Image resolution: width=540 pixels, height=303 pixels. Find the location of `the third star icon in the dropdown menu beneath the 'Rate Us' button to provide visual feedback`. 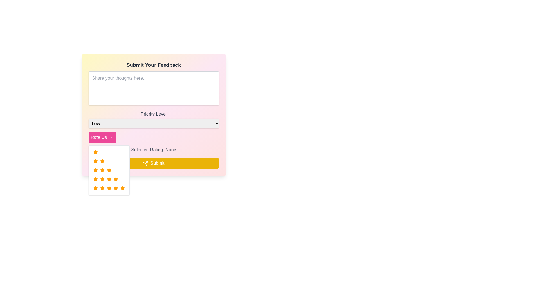

the third star icon in the dropdown menu beneath the 'Rate Us' button to provide visual feedback is located at coordinates (95, 179).